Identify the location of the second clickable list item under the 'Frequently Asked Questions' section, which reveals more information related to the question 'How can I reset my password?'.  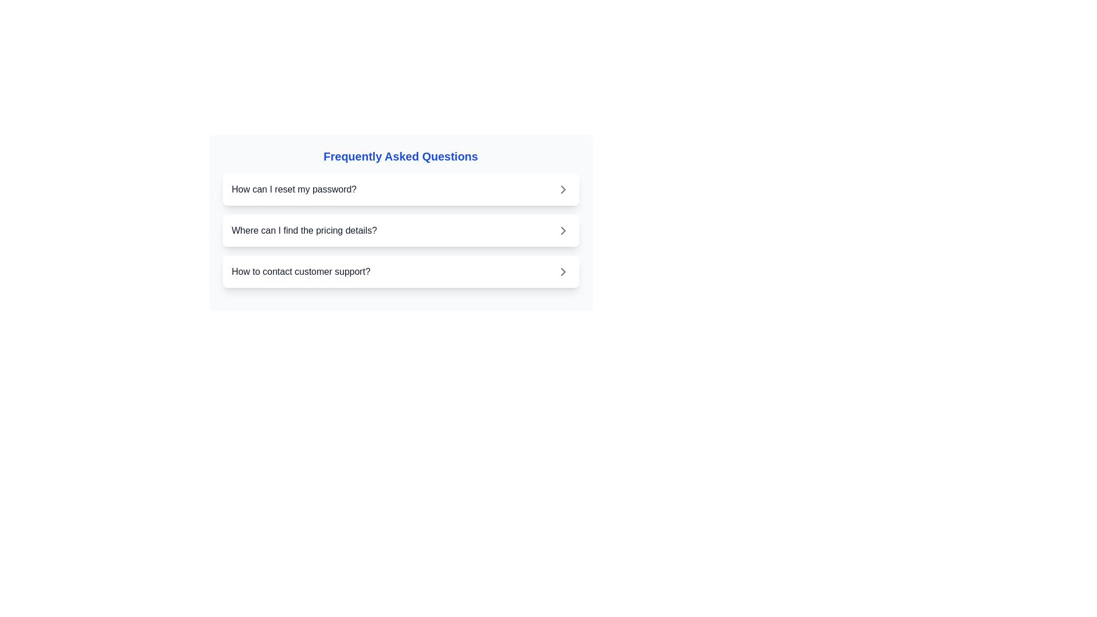
(401, 231).